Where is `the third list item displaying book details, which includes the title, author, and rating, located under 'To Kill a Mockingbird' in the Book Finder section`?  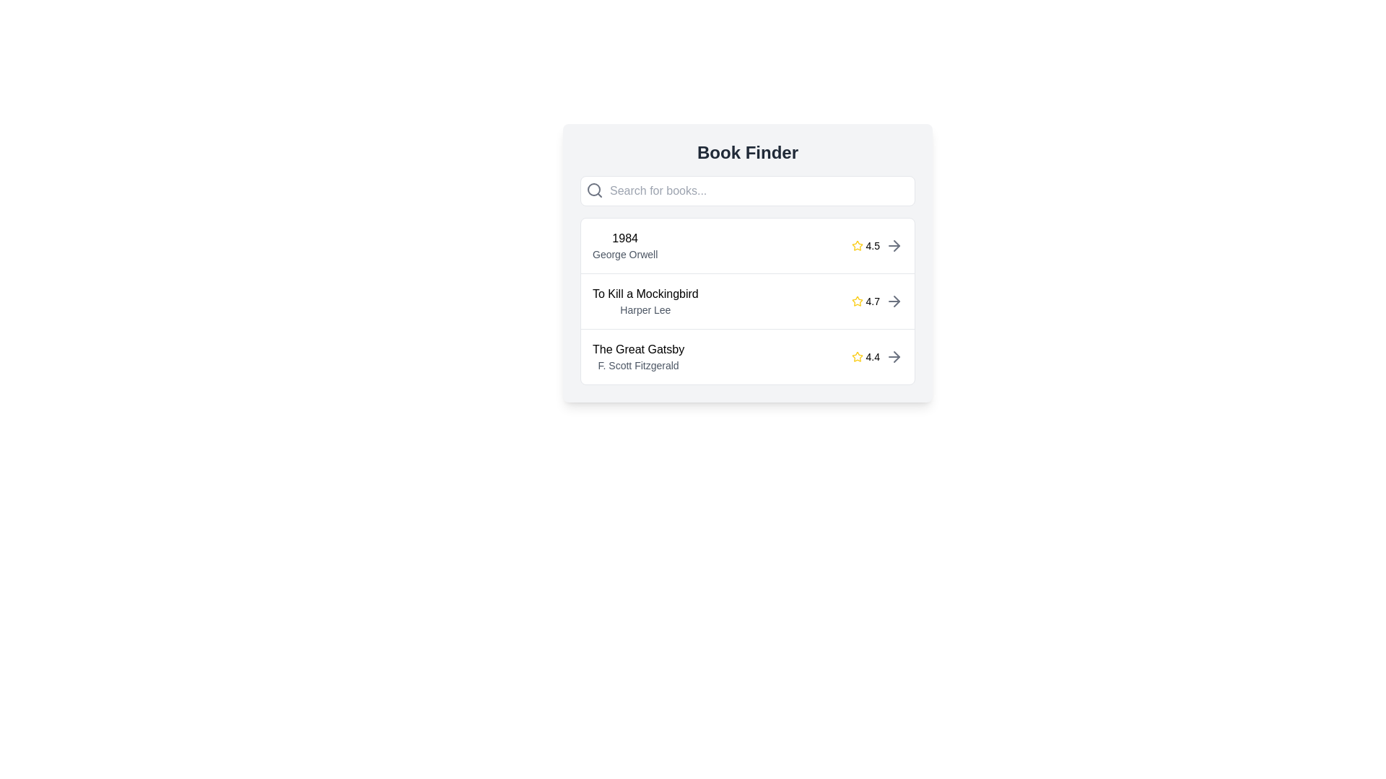
the third list item displaying book details, which includes the title, author, and rating, located under 'To Kill a Mockingbird' in the Book Finder section is located at coordinates (748, 356).